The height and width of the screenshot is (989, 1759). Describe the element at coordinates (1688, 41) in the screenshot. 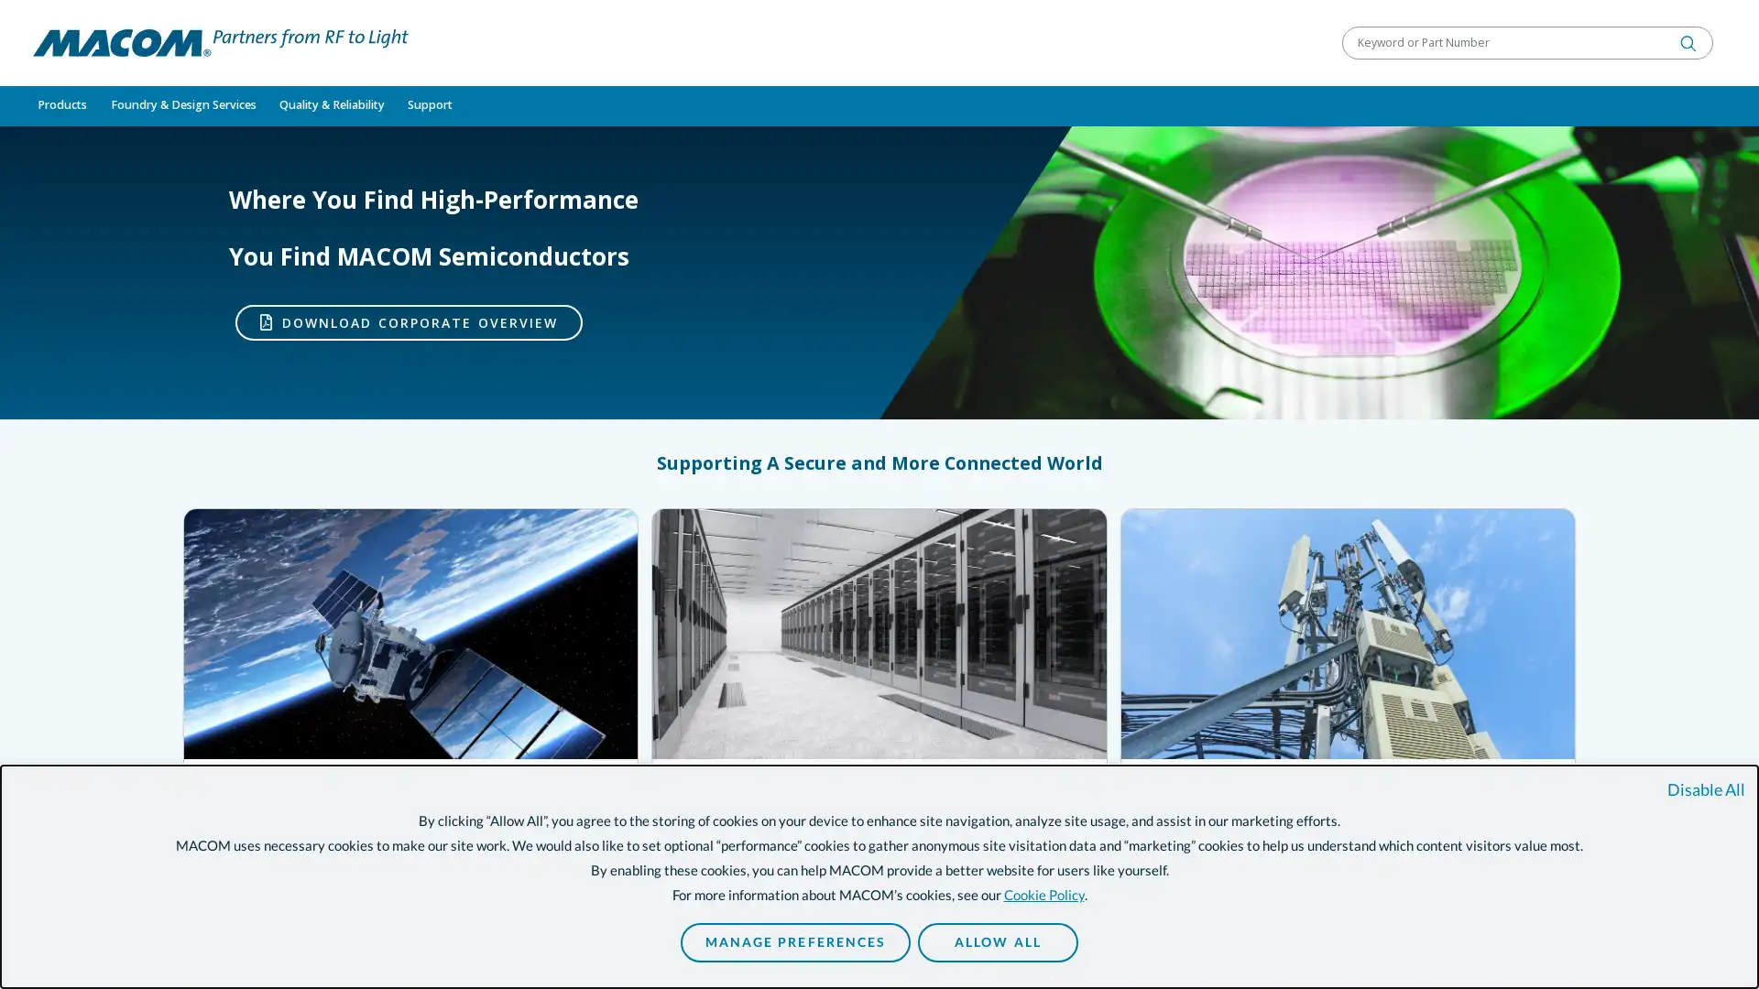

I see `Search` at that location.